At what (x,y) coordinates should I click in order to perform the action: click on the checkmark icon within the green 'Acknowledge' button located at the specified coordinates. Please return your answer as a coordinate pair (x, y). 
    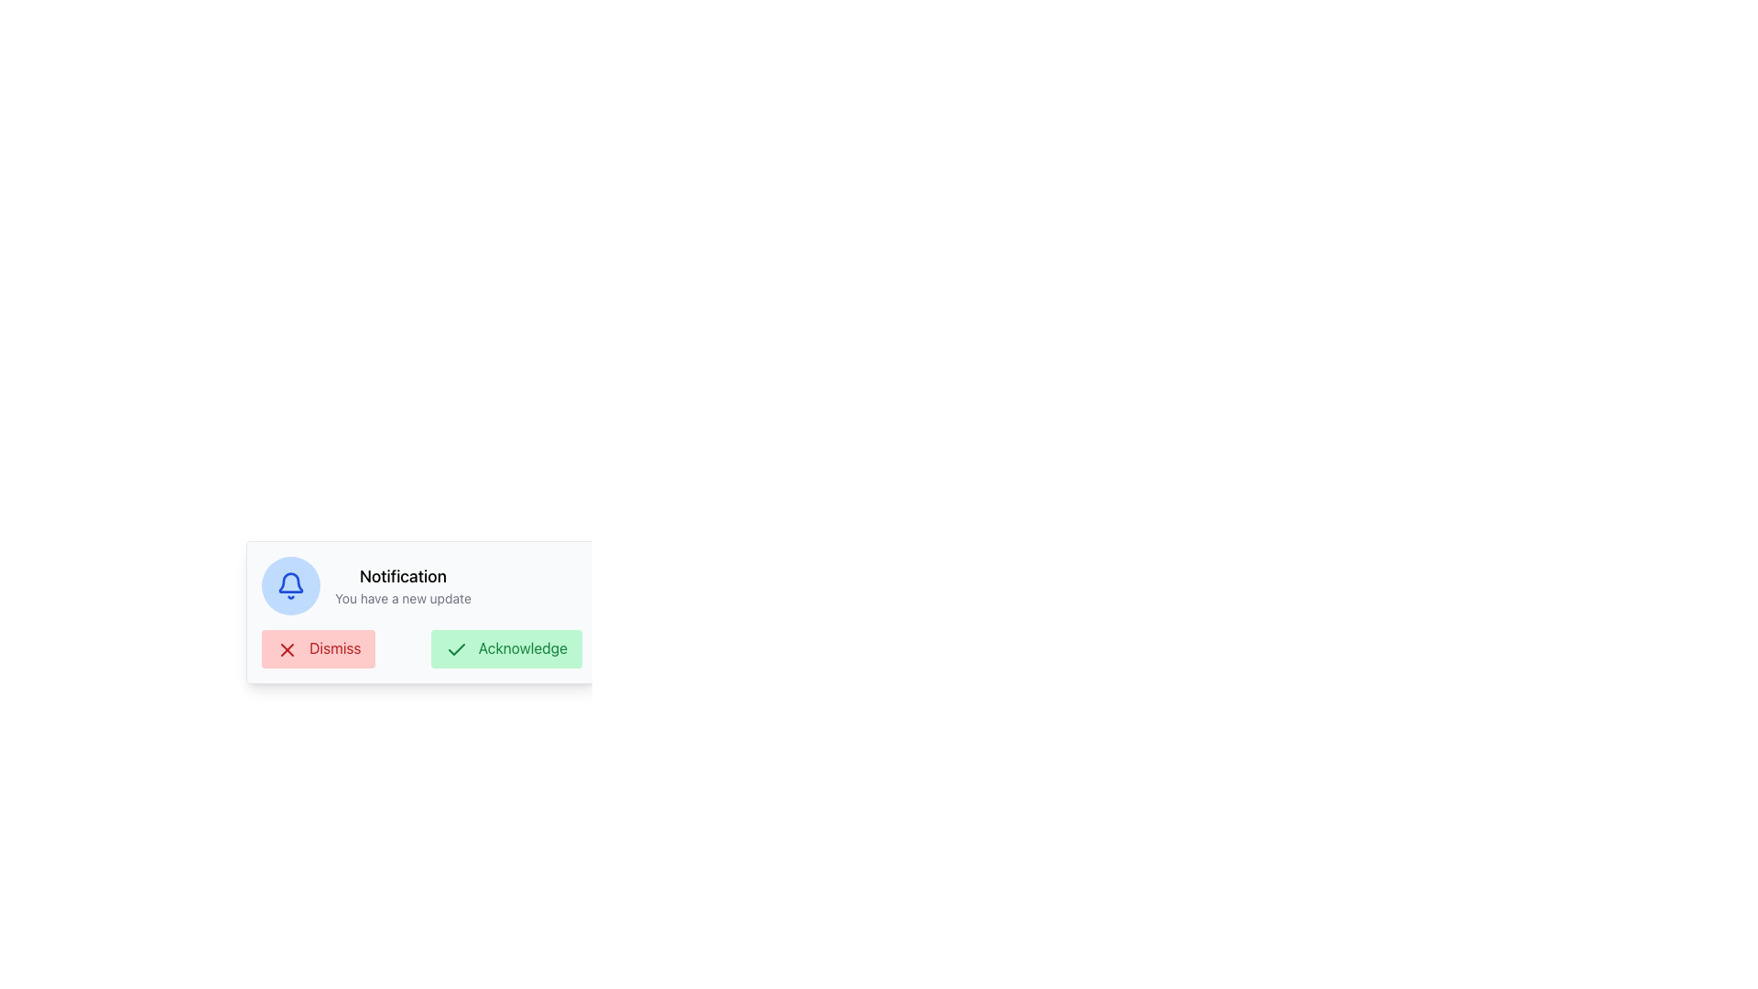
    Looking at the image, I should click on (456, 648).